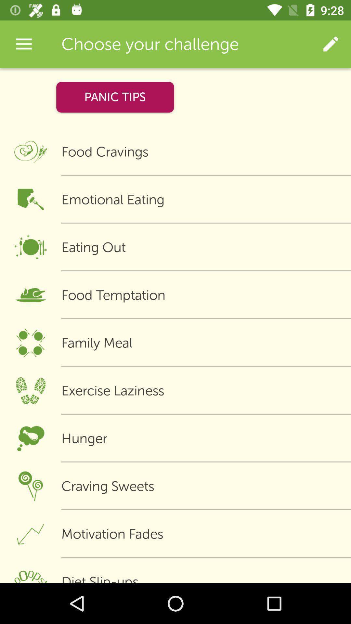 Image resolution: width=351 pixels, height=624 pixels. I want to click on icon next to the choose your challenge app, so click(331, 44).